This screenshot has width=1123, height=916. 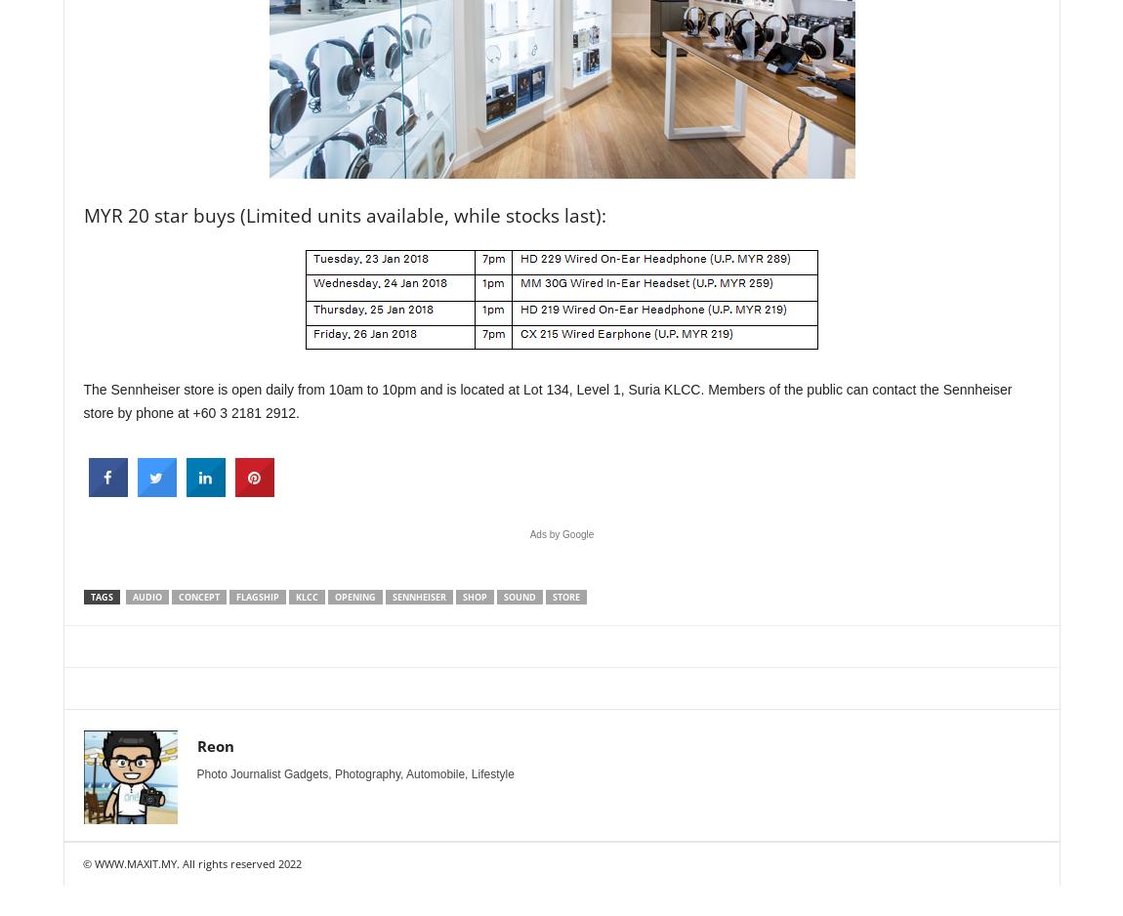 I want to click on 'sound', so click(x=519, y=597).